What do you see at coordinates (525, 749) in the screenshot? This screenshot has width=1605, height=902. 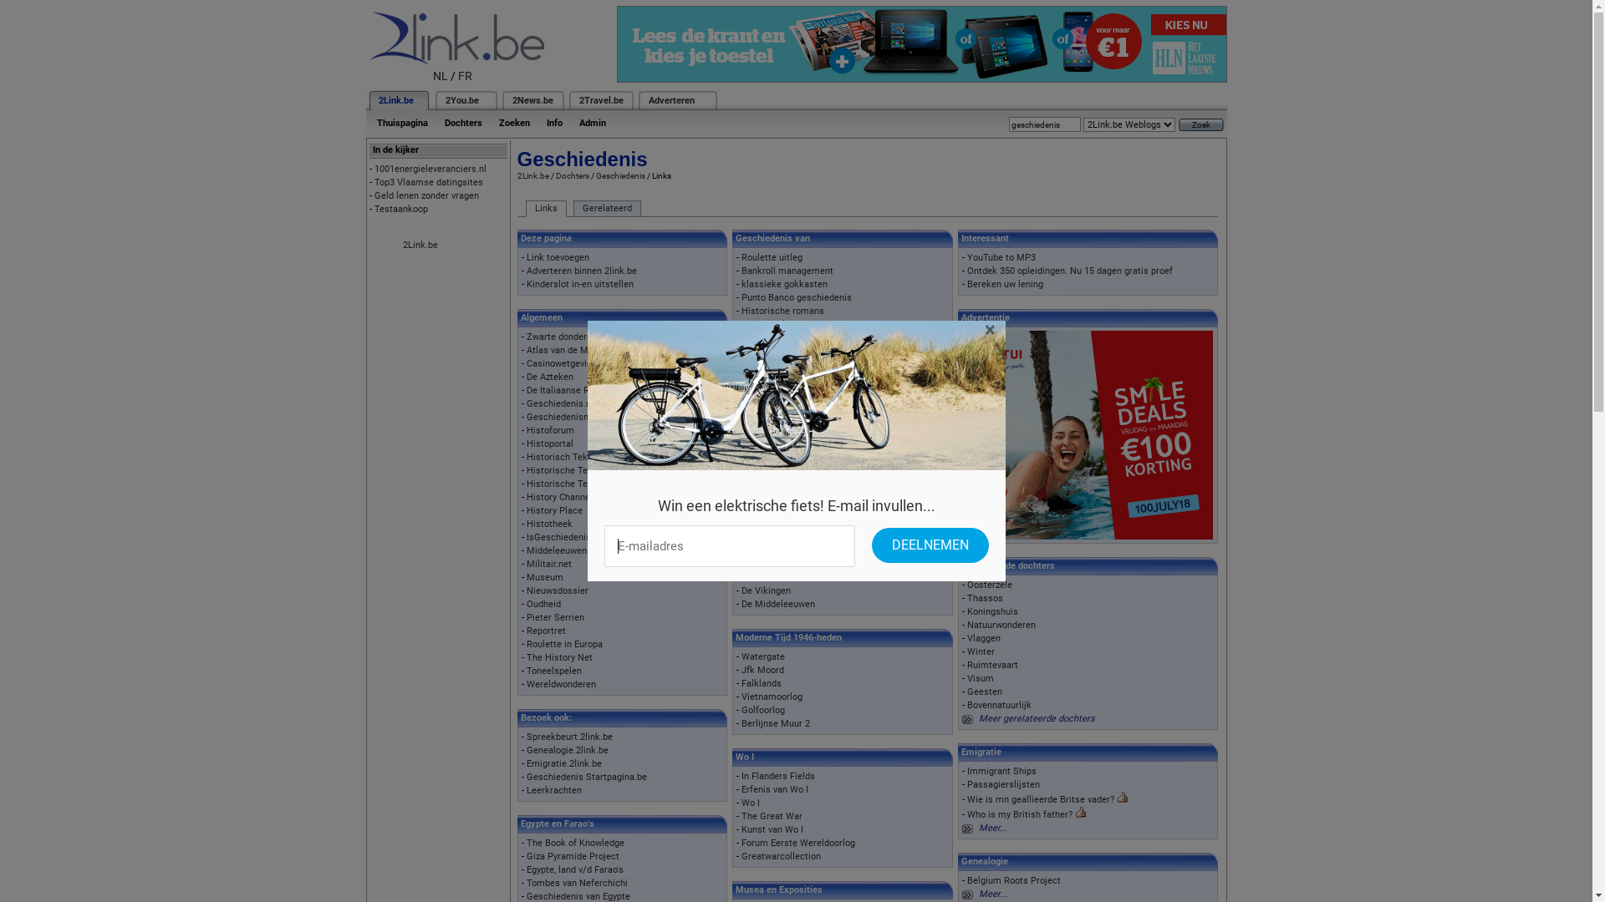 I see `'Genealogie.2link.be'` at bounding box center [525, 749].